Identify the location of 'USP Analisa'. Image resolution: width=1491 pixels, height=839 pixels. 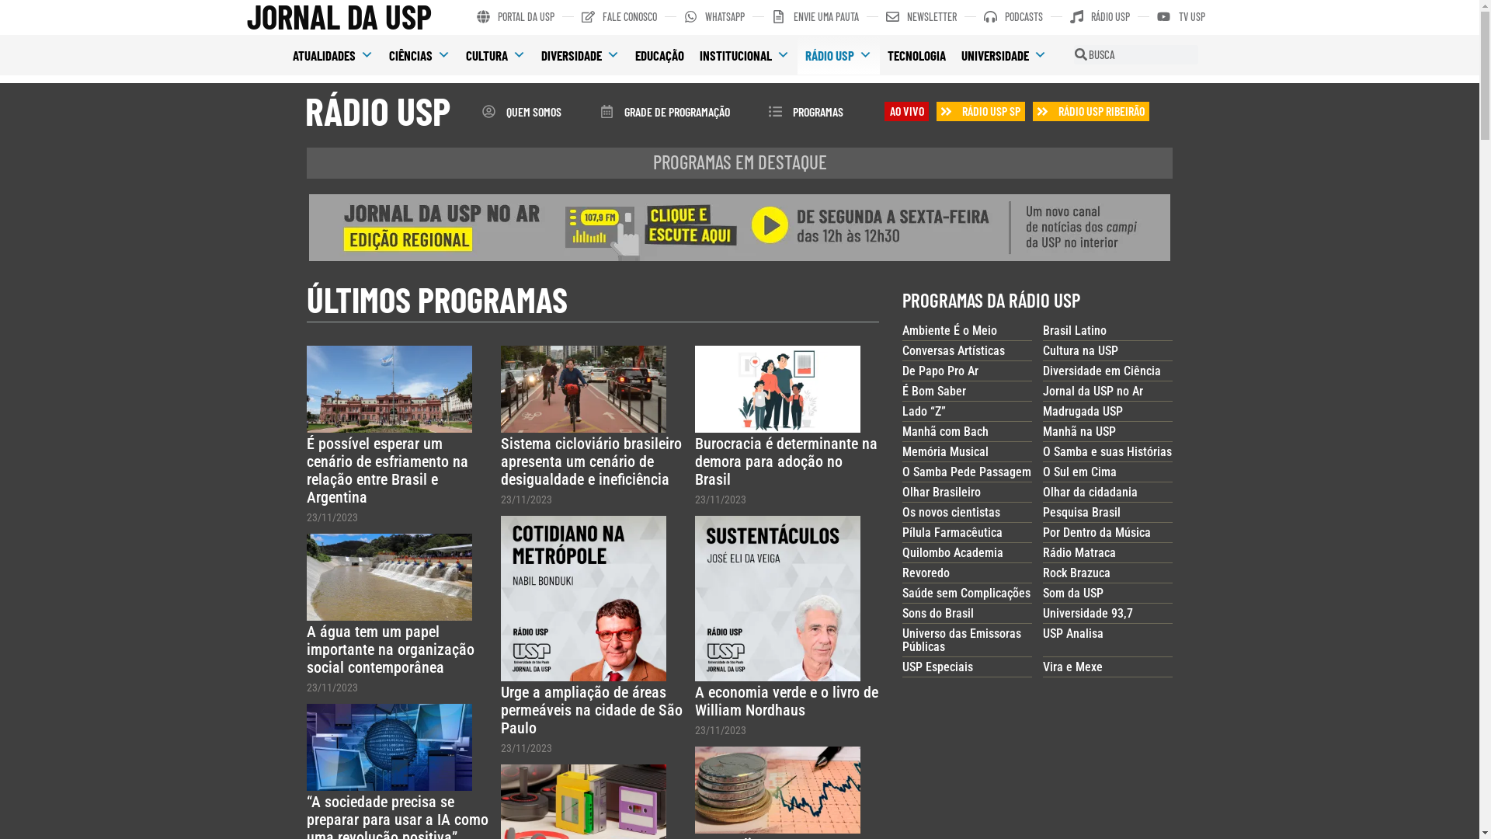
(1072, 633).